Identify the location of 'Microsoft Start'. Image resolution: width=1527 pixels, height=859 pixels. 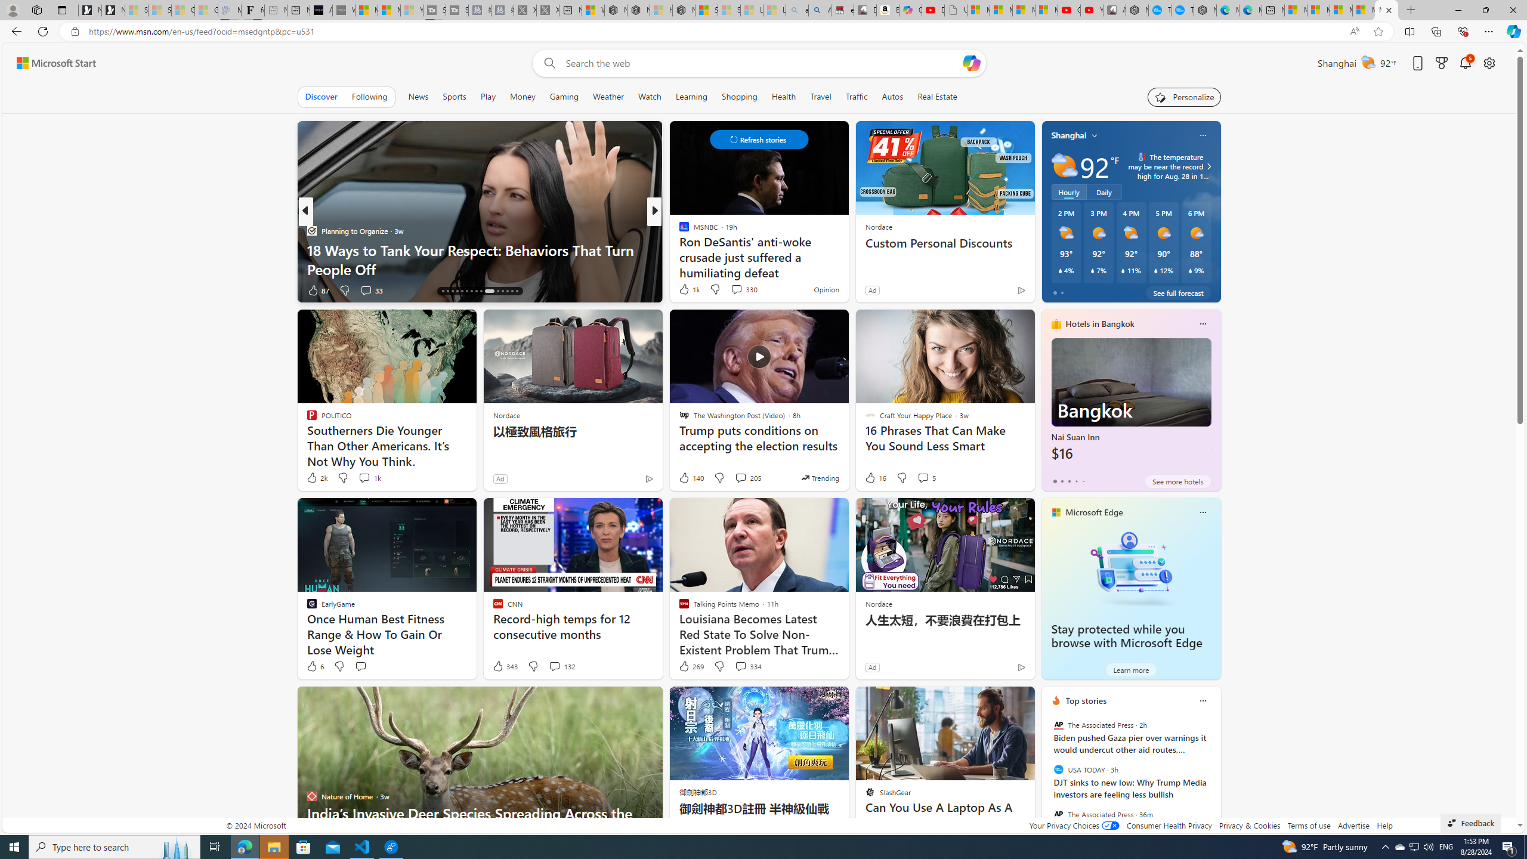
(55, 63).